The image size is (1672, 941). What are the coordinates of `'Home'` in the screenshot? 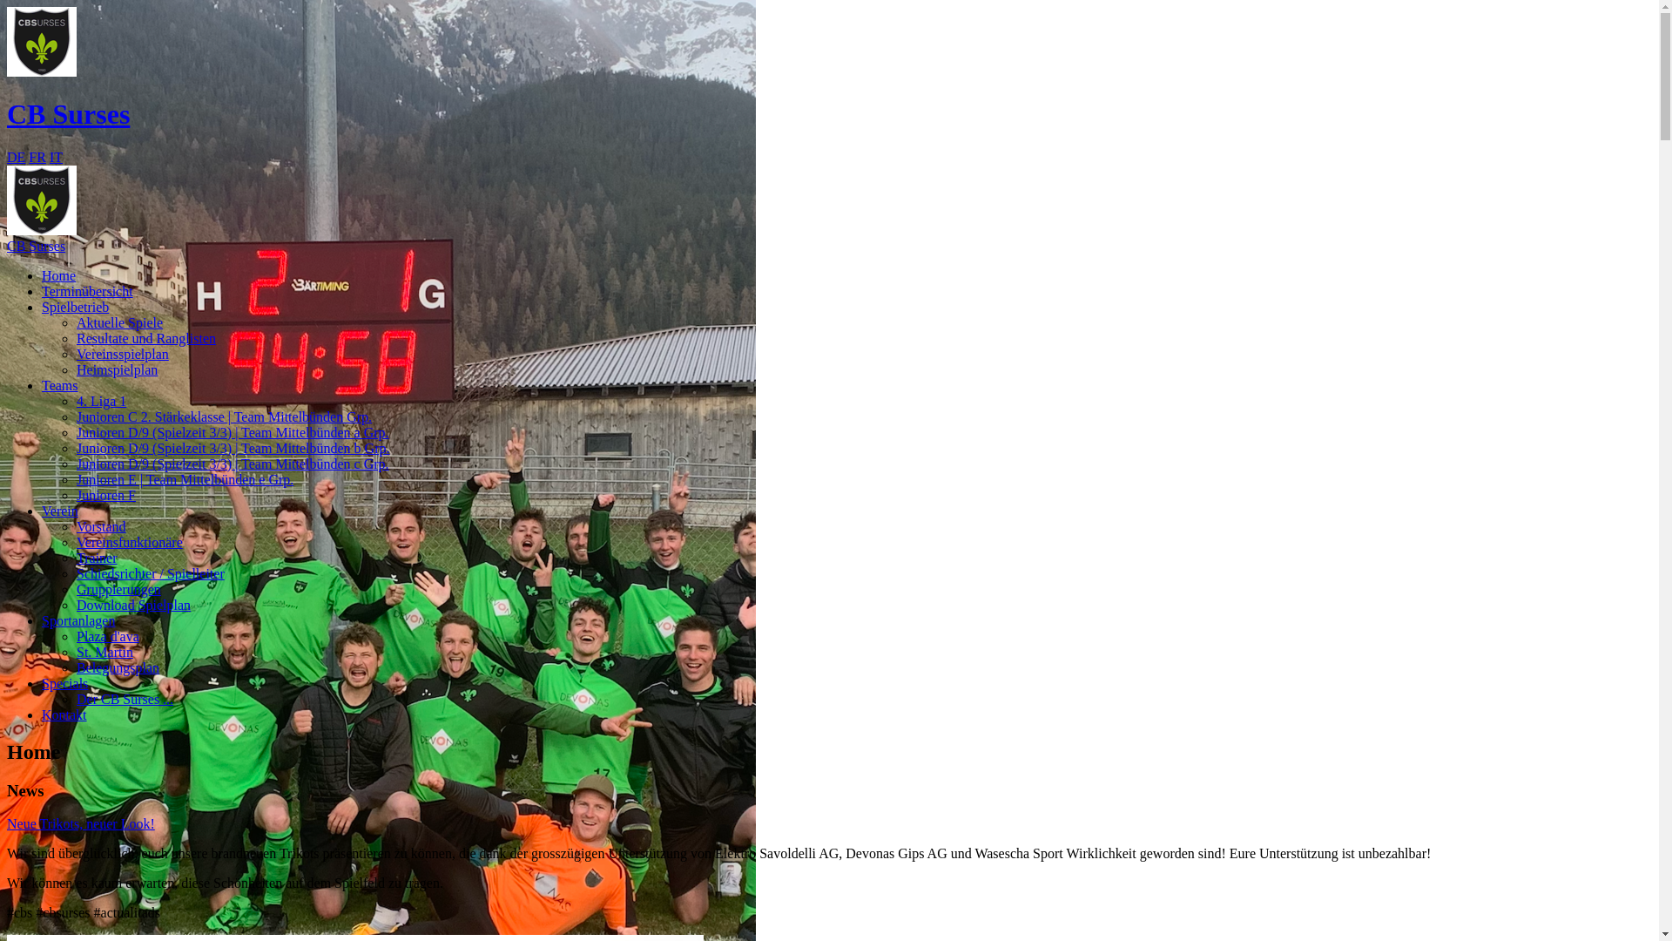 It's located at (58, 274).